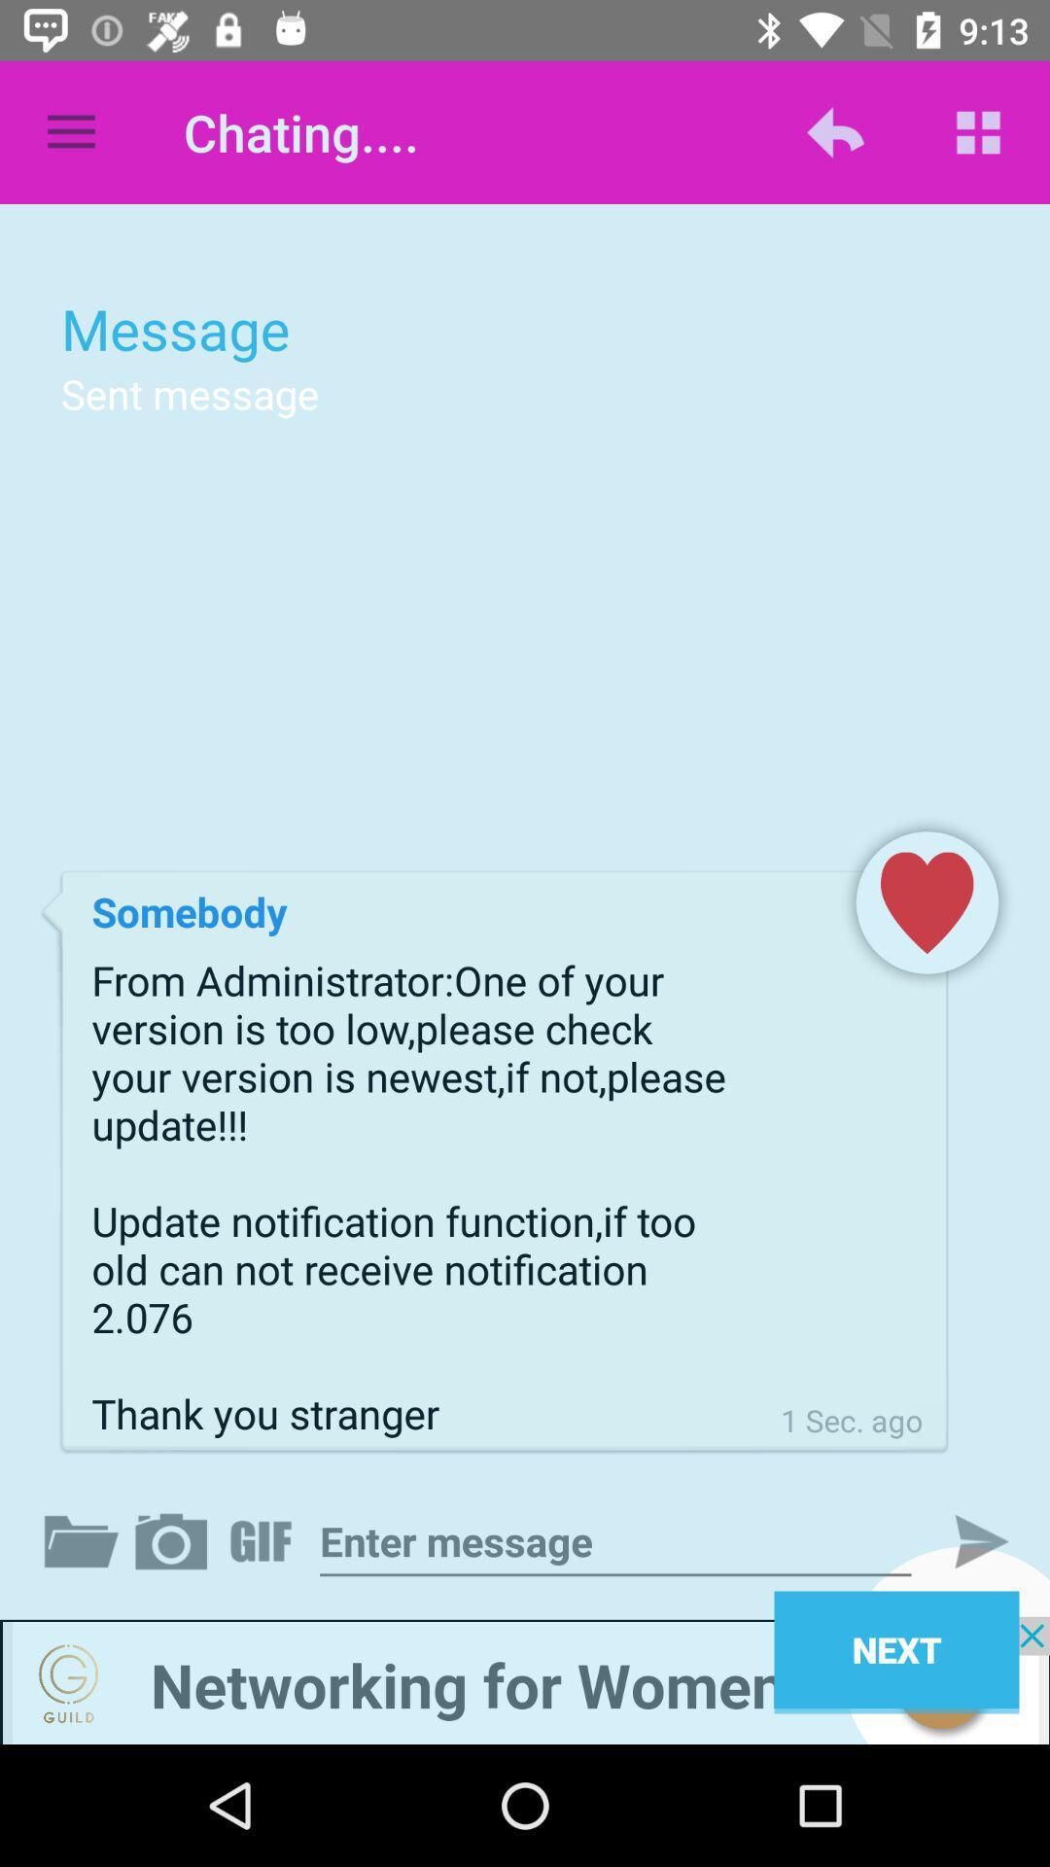 Image resolution: width=1050 pixels, height=1867 pixels. I want to click on advertisements, so click(525, 1679).